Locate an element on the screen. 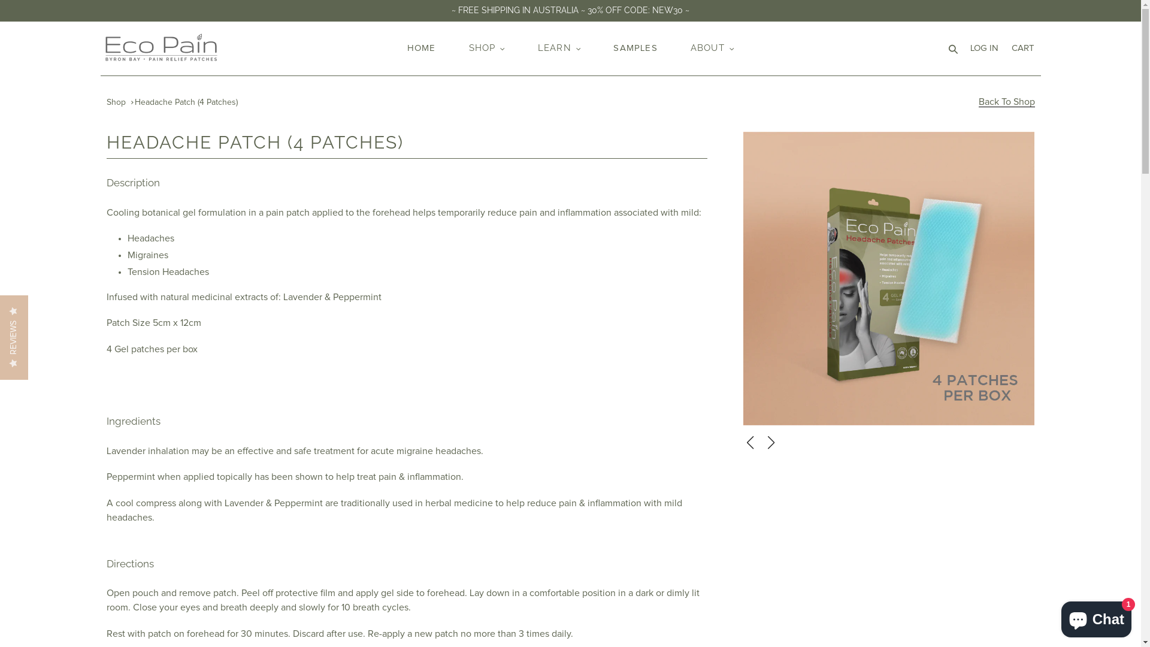 The image size is (1150, 647). 'LOG IN is located at coordinates (983, 48).